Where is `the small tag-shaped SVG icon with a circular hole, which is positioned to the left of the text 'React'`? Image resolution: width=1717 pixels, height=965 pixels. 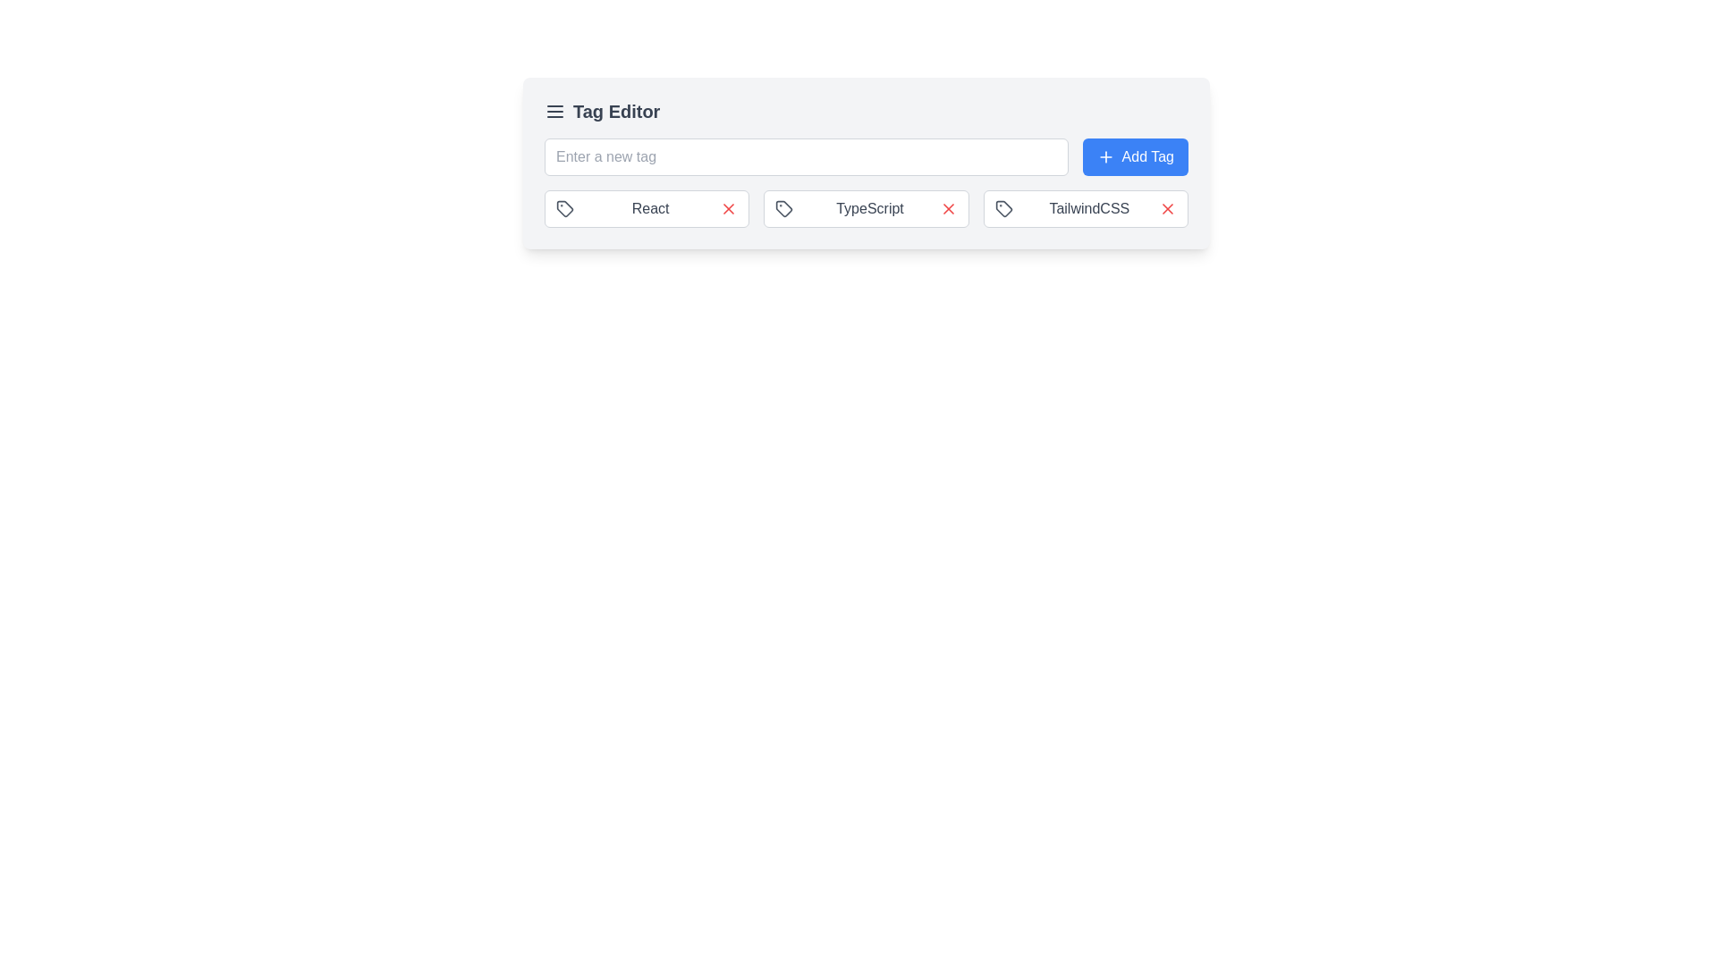 the small tag-shaped SVG icon with a circular hole, which is positioned to the left of the text 'React' is located at coordinates (564, 208).